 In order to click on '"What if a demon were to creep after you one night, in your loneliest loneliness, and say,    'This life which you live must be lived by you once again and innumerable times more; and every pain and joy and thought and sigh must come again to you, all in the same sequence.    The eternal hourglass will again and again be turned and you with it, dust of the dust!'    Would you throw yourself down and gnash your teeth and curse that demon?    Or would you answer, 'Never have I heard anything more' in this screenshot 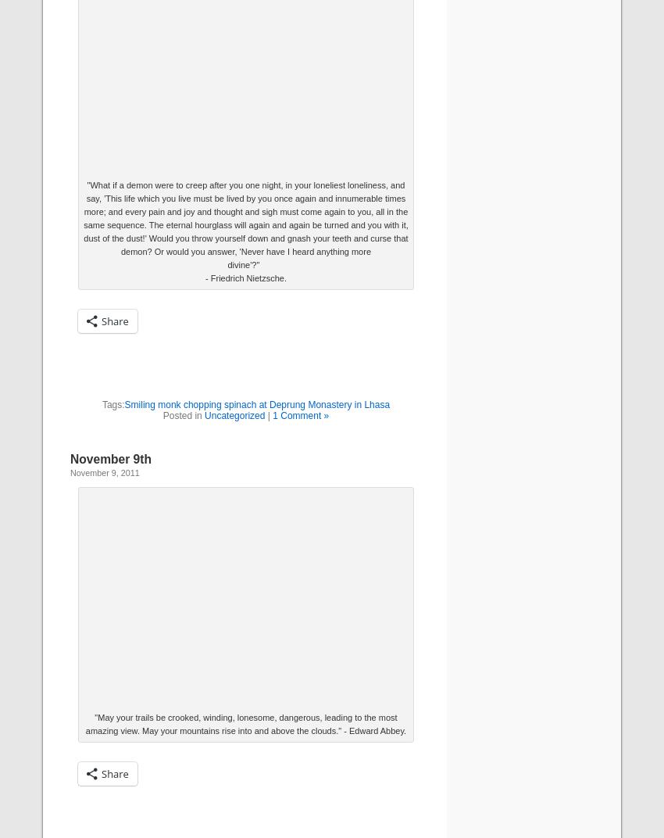, I will do `click(83, 217)`.